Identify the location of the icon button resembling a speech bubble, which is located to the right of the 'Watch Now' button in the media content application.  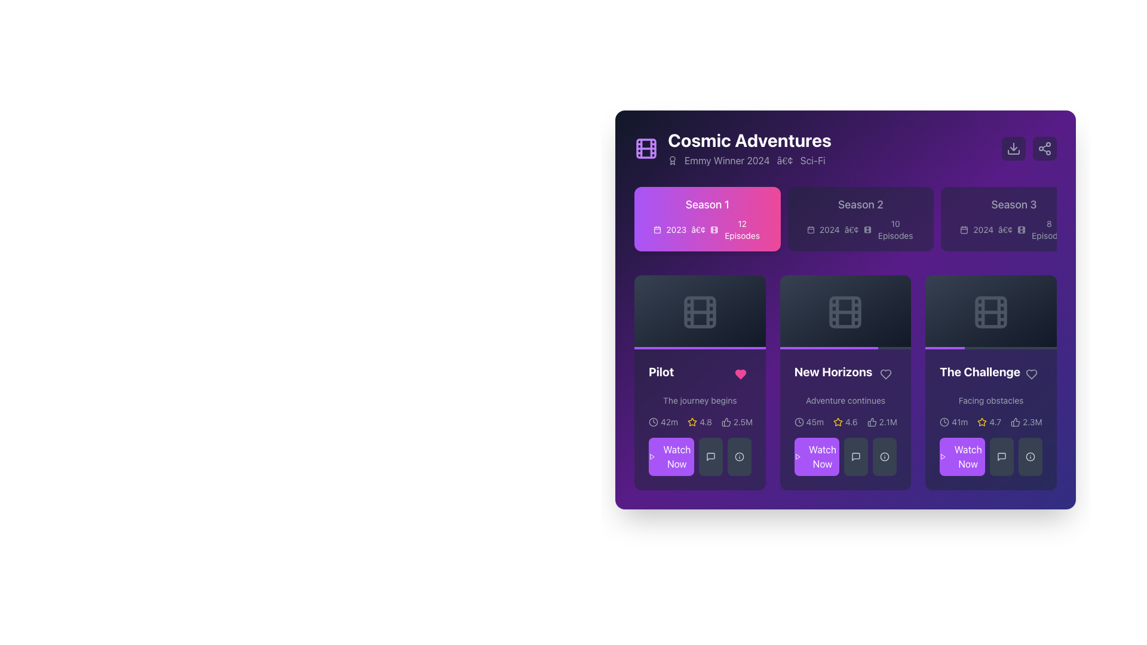
(710, 456).